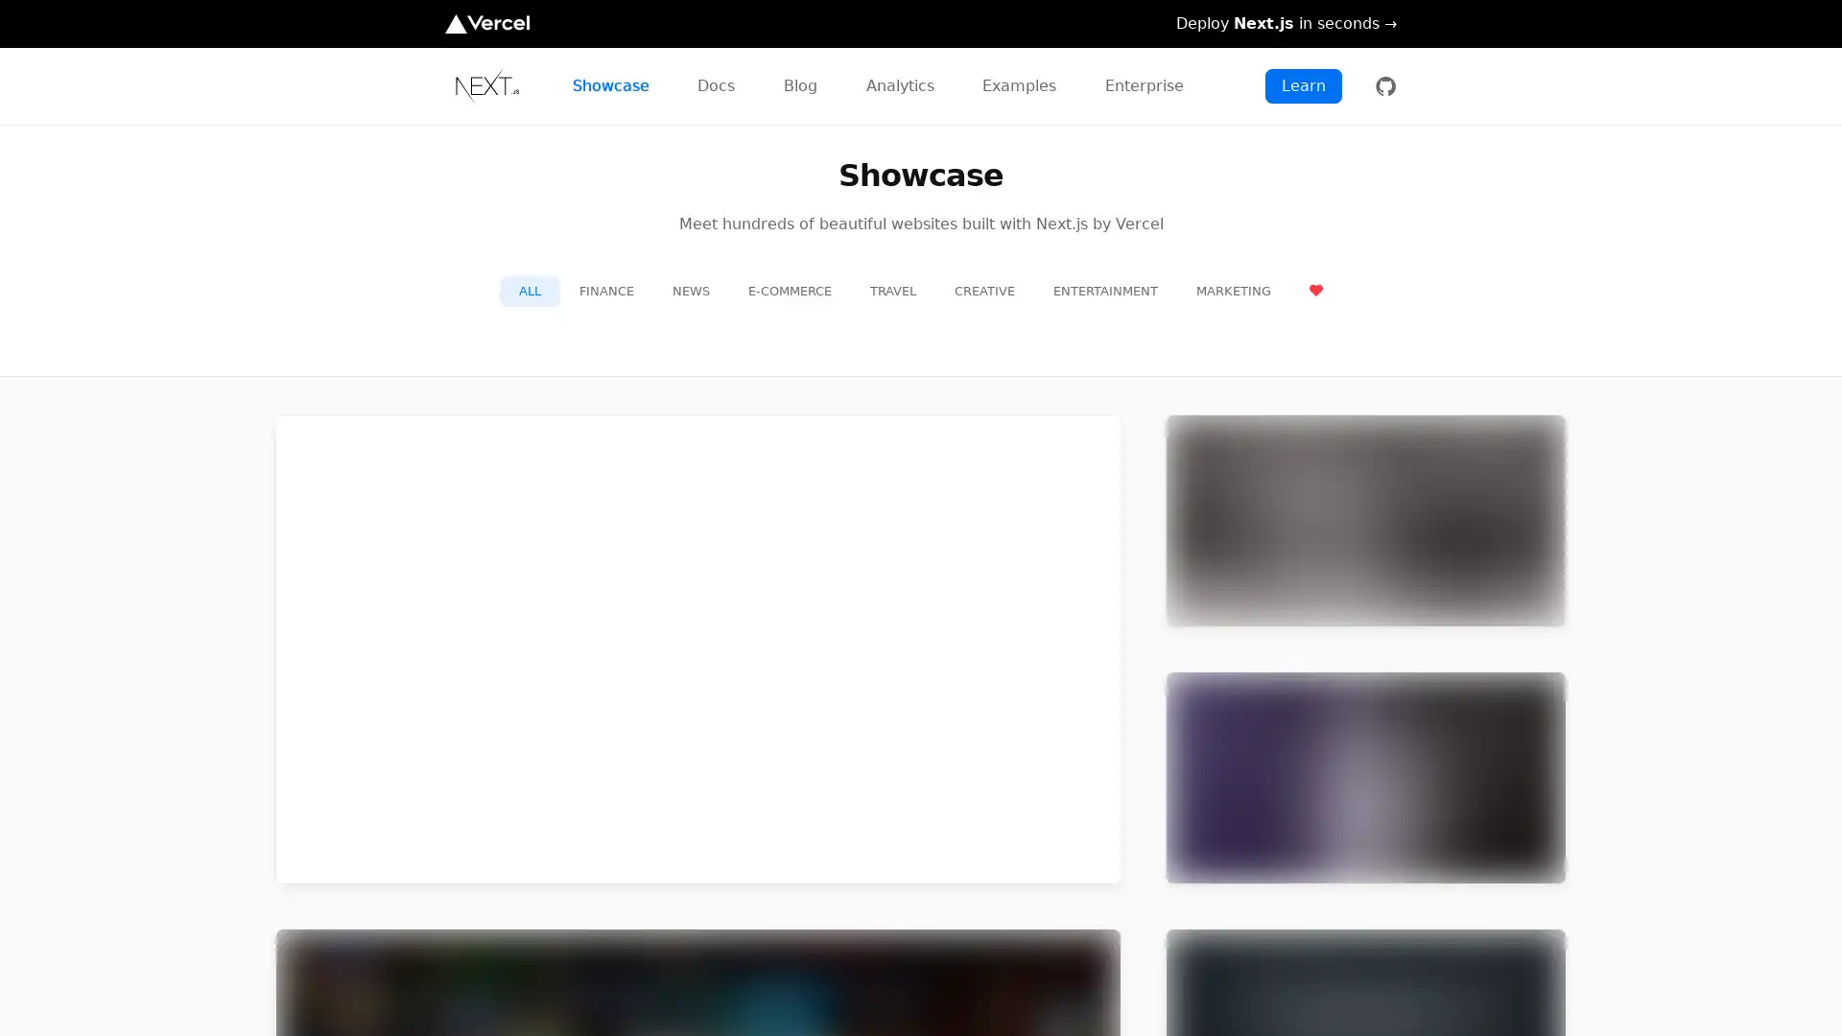 The width and height of the screenshot is (1842, 1036). I want to click on ENTERTAINMENT, so click(1105, 291).